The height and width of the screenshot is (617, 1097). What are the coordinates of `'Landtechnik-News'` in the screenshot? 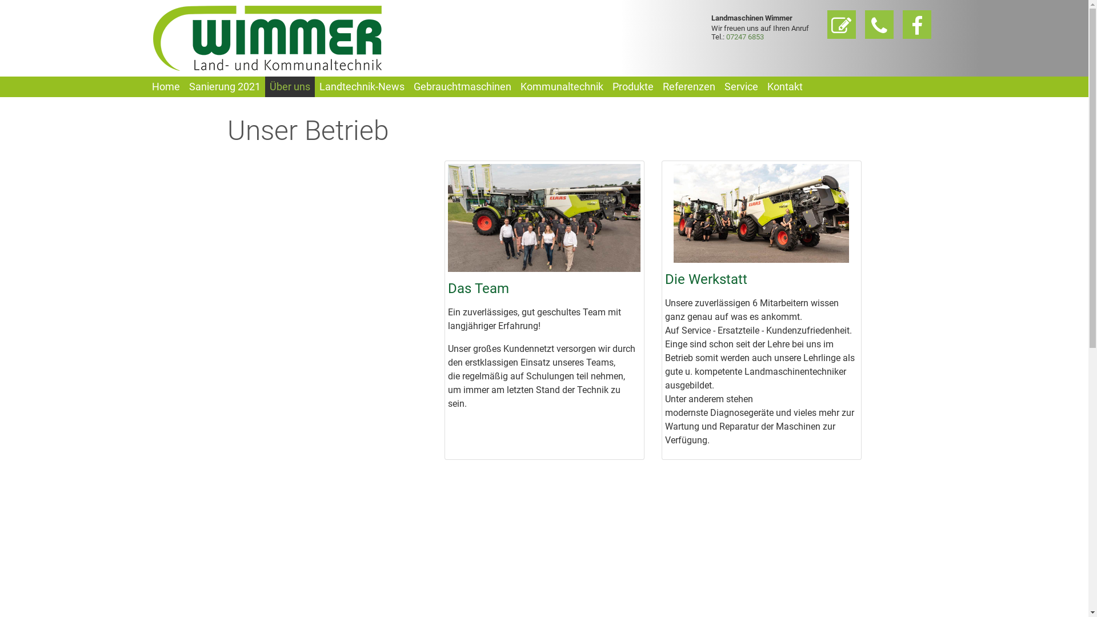 It's located at (361, 86).